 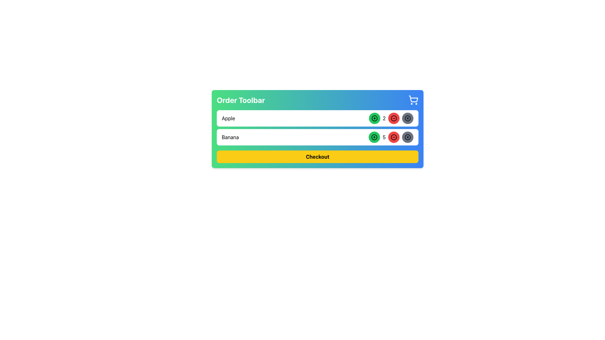 What do you see at coordinates (374, 118) in the screenshot?
I see `the increment button for the 'Apple' item` at bounding box center [374, 118].